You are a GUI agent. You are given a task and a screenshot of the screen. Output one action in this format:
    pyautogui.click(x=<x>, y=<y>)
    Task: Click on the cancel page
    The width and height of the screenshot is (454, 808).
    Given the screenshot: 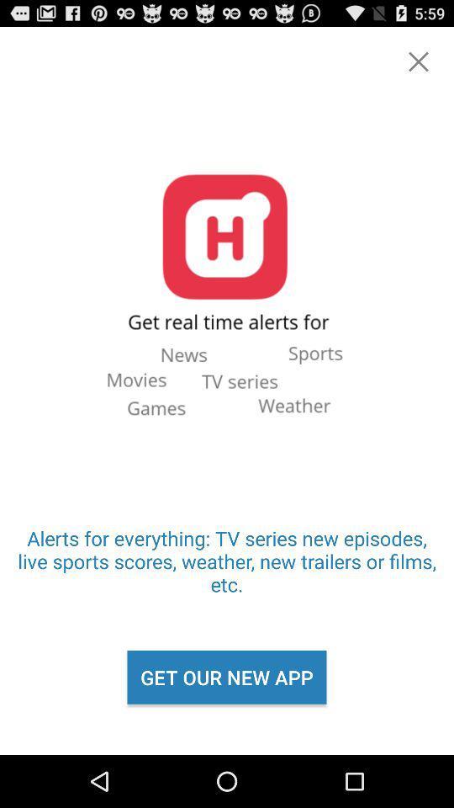 What is the action you would take?
    pyautogui.click(x=417, y=61)
    